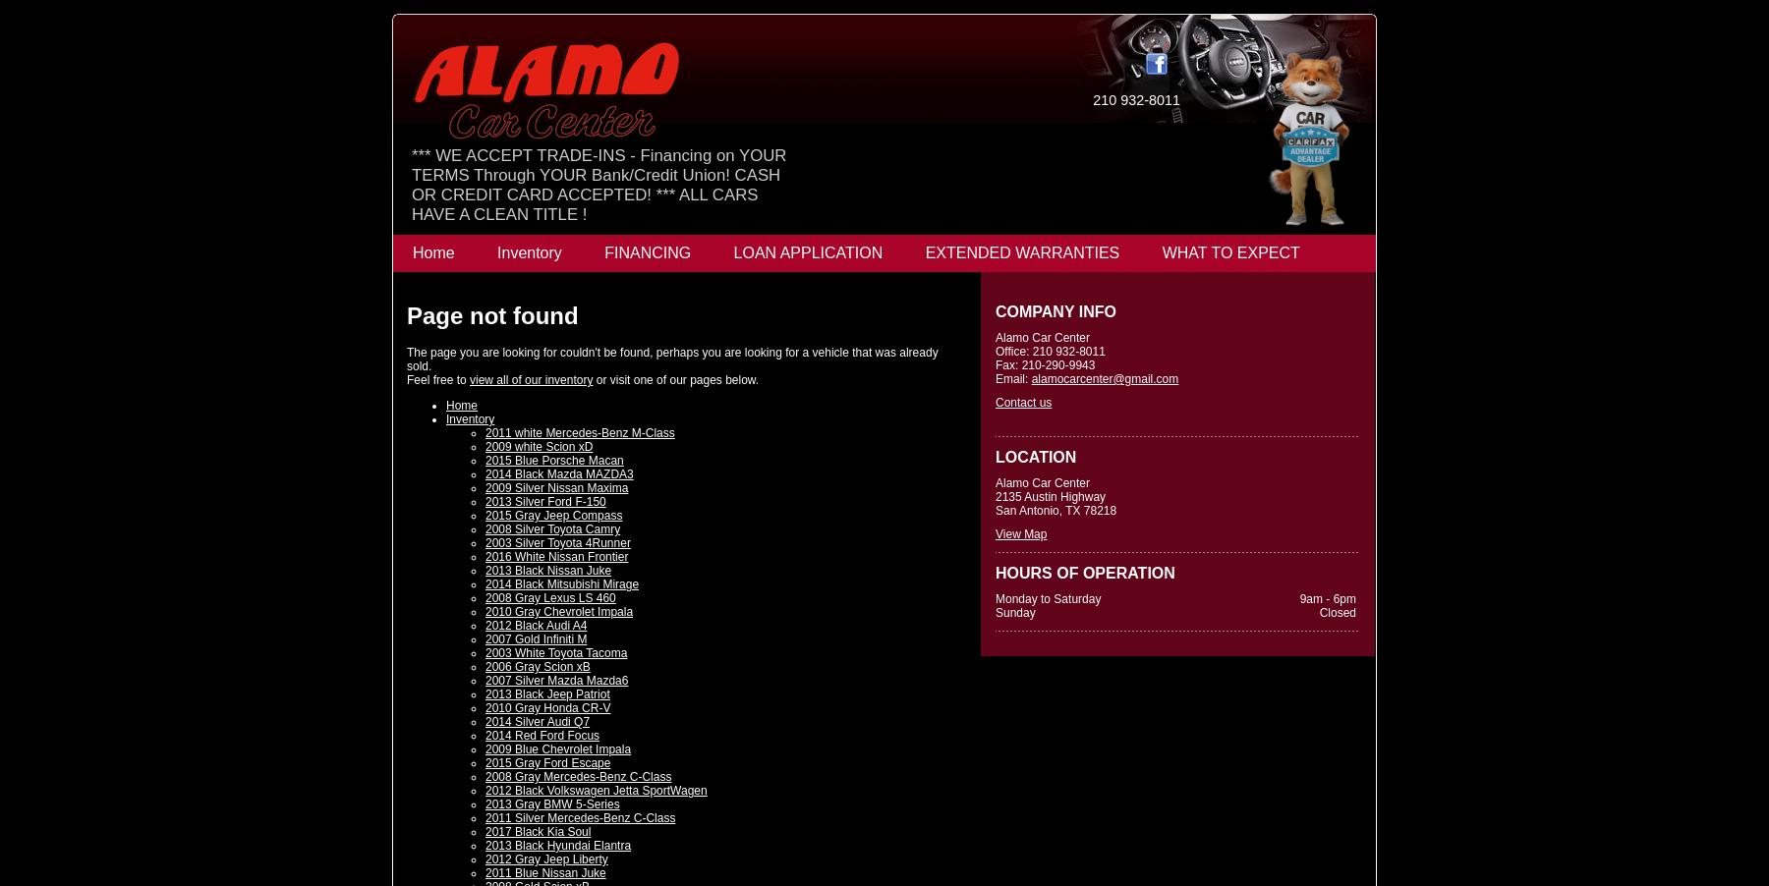  I want to click on 'Contact us', so click(996, 402).